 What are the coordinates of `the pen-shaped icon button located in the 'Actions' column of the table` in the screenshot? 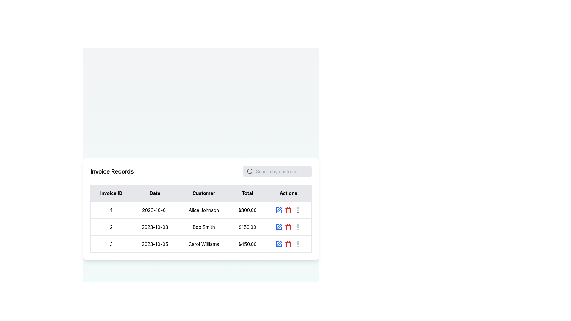 It's located at (279, 209).